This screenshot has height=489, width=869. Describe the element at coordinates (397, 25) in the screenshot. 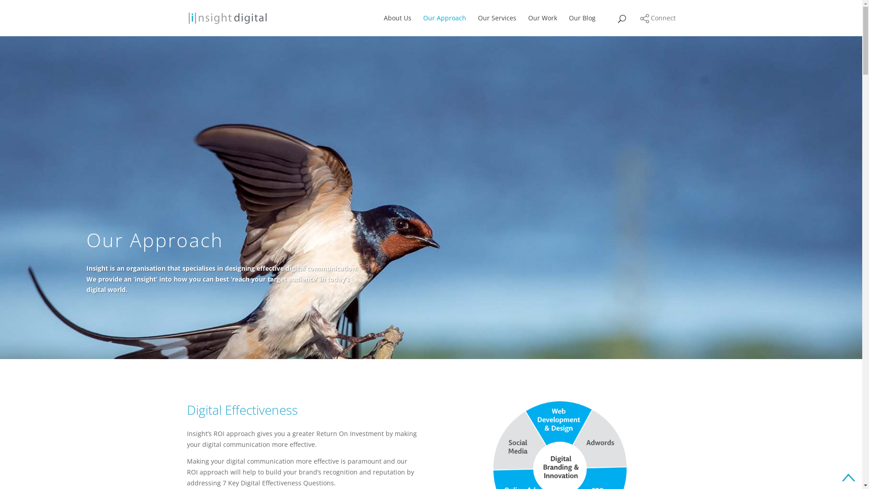

I see `'About Us'` at that location.